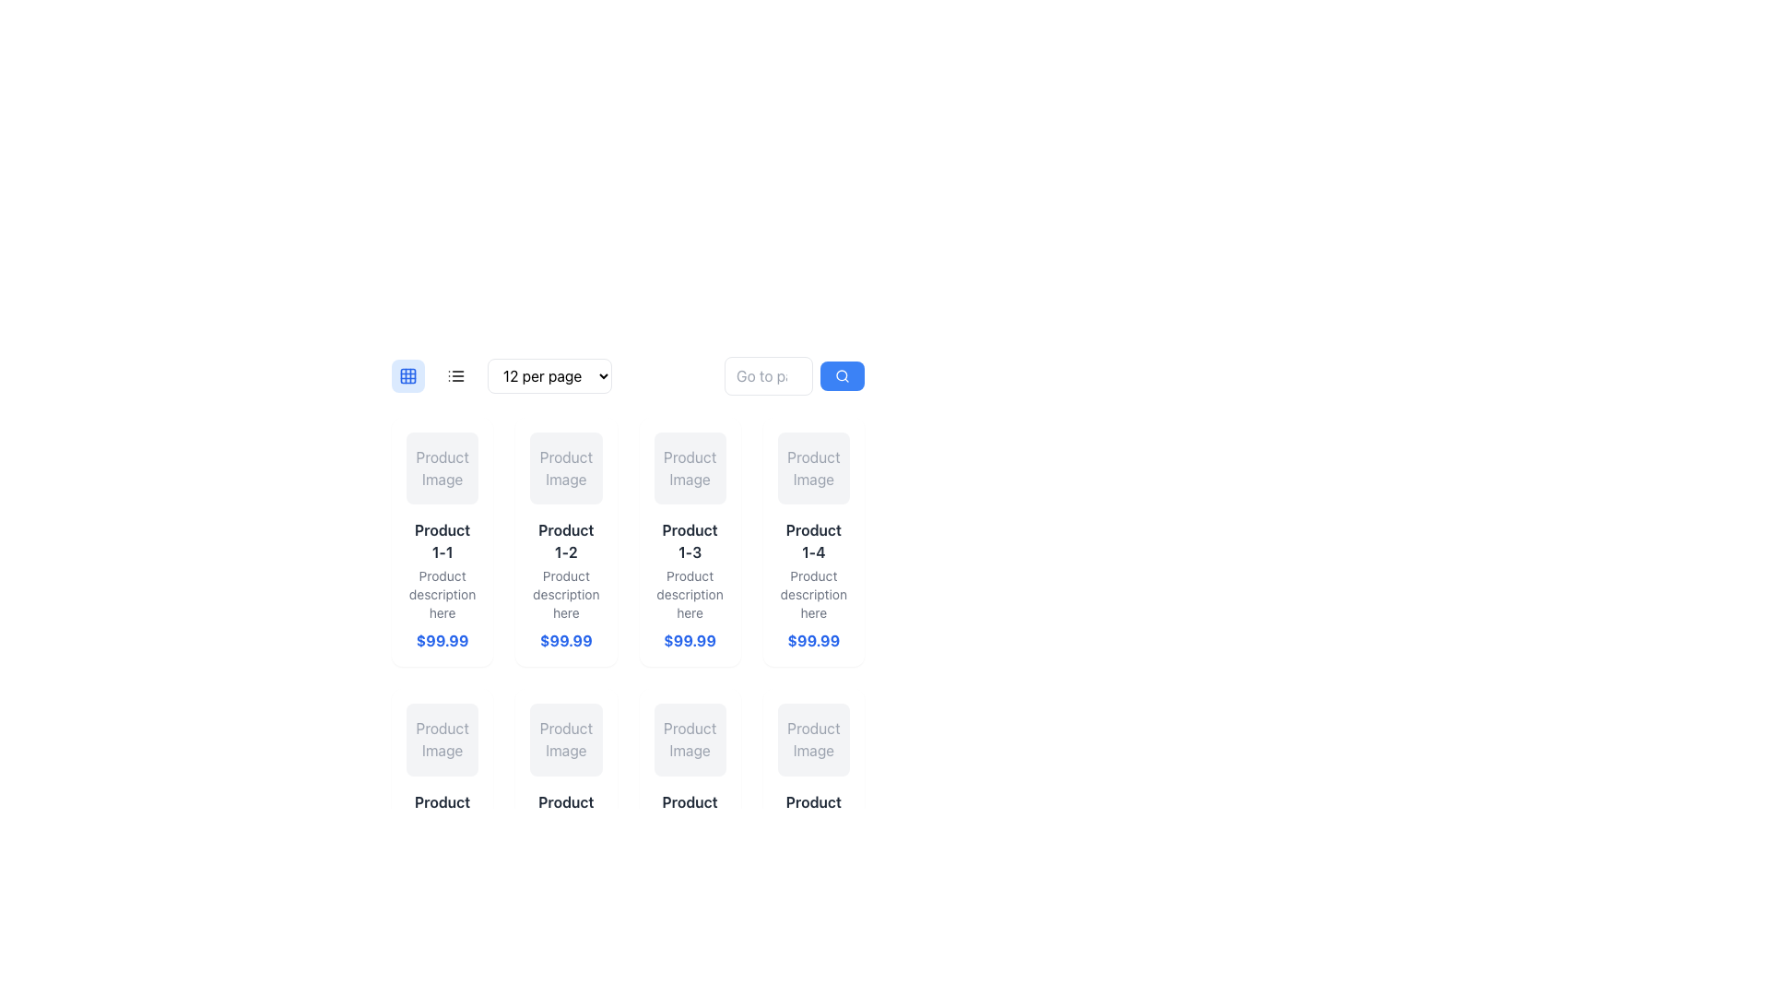 The height and width of the screenshot is (996, 1770). I want to click on the button with a grid icon located at the top-left of the toolbar, so click(407, 375).